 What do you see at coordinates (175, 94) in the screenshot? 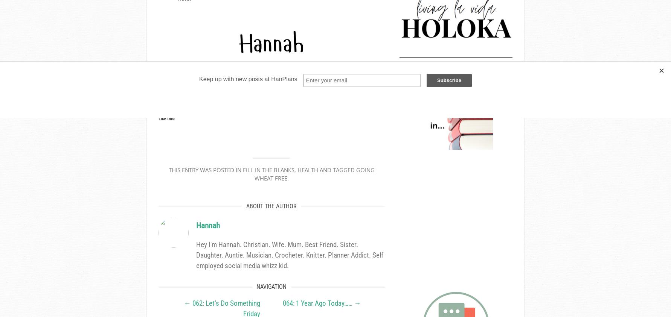
I see `'Share'` at bounding box center [175, 94].